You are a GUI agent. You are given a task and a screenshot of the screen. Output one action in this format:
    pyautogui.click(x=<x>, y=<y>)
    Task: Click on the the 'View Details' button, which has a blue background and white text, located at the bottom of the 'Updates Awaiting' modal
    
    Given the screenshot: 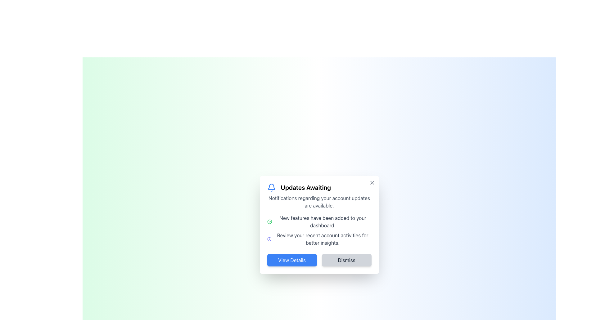 What is the action you would take?
    pyautogui.click(x=291, y=260)
    